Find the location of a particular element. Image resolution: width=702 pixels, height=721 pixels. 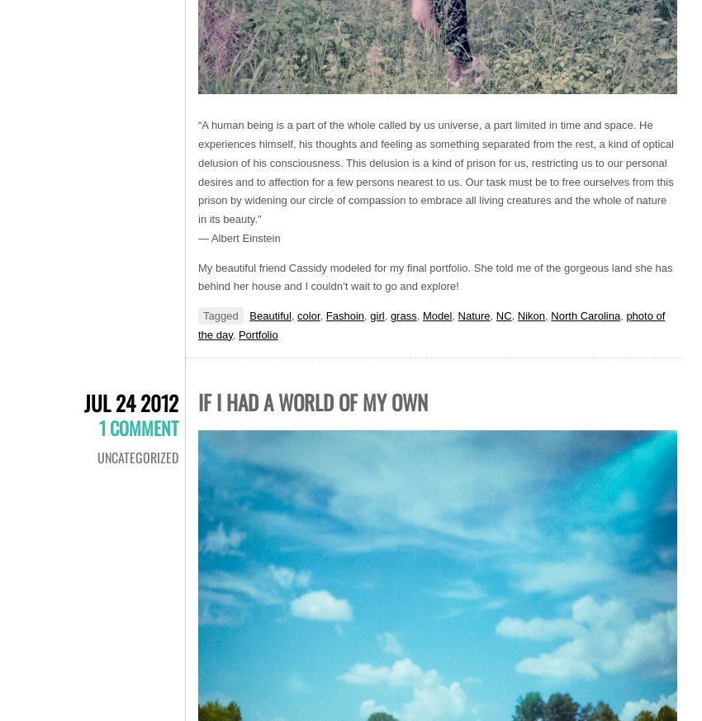

'1 Comment' is located at coordinates (98, 426).